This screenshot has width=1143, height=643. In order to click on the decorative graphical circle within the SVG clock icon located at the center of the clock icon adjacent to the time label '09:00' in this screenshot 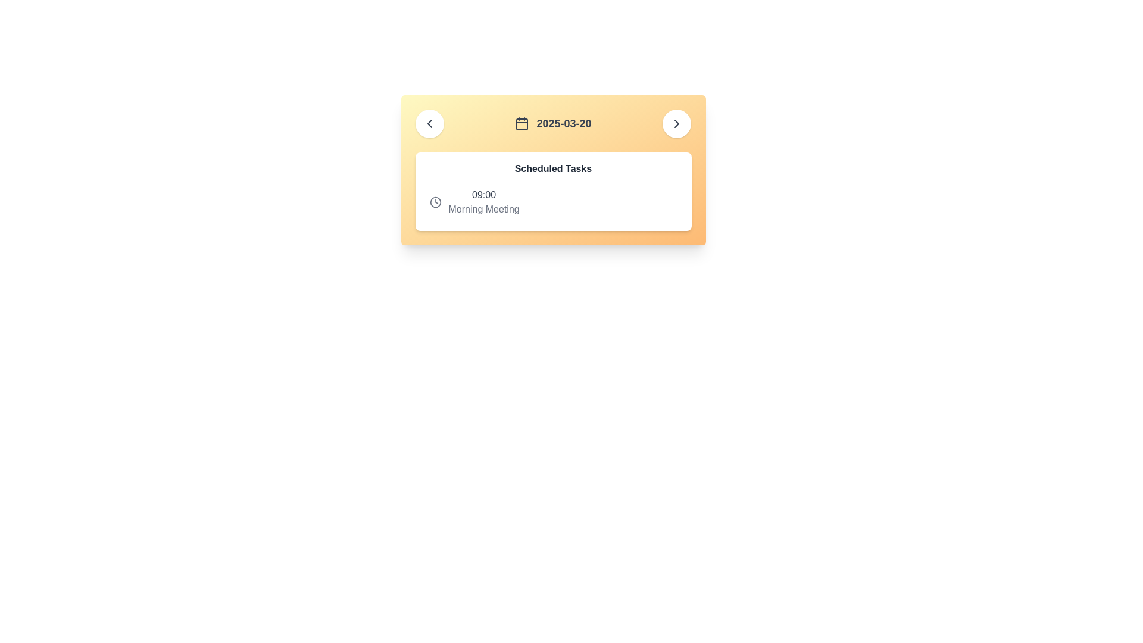, I will do `click(435, 201)`.